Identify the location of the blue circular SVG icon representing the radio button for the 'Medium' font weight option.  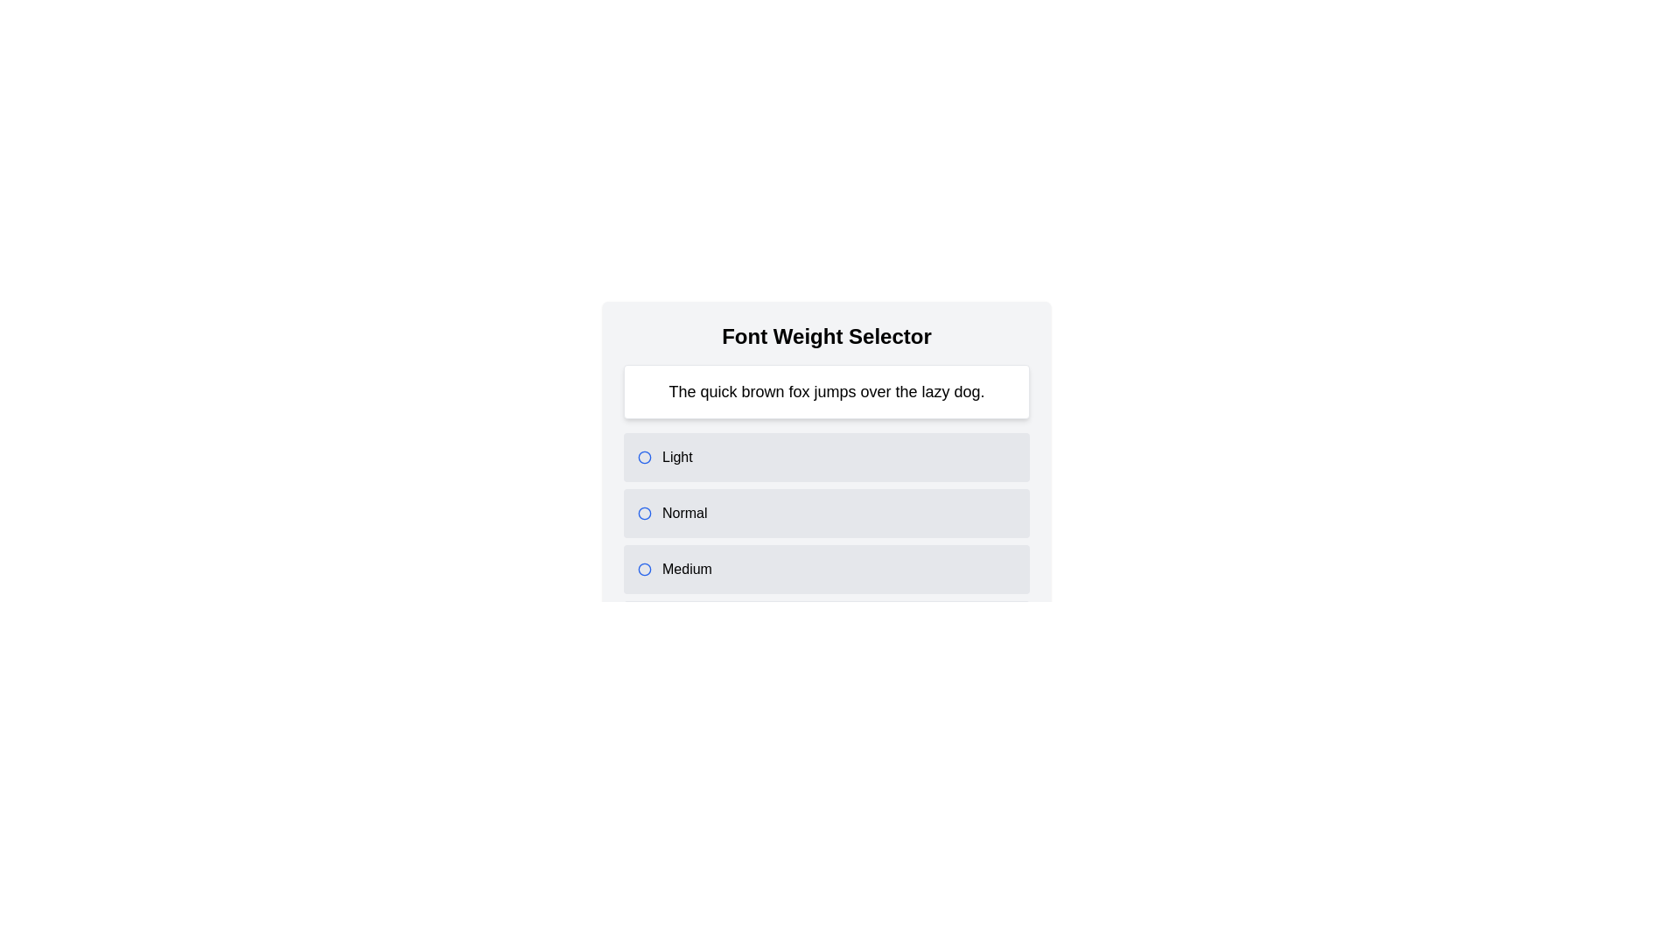
(644, 570).